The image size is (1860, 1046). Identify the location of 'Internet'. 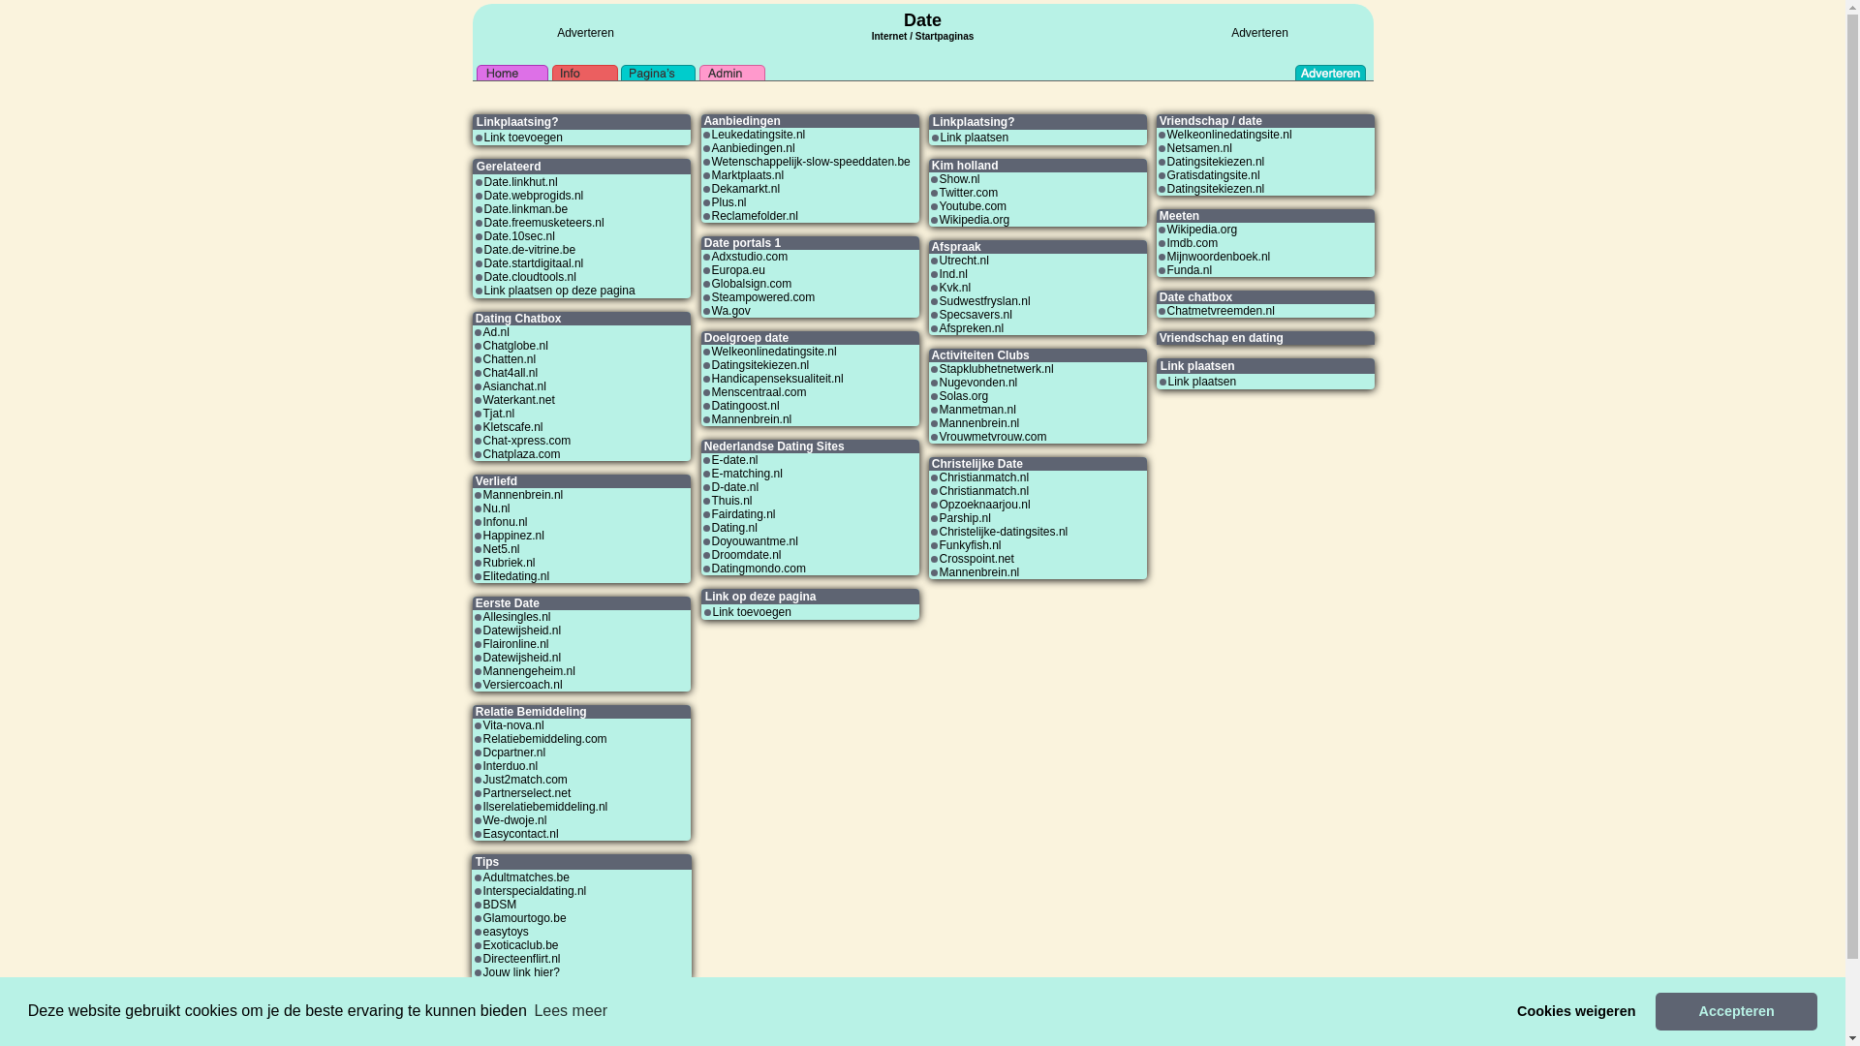
(888, 33).